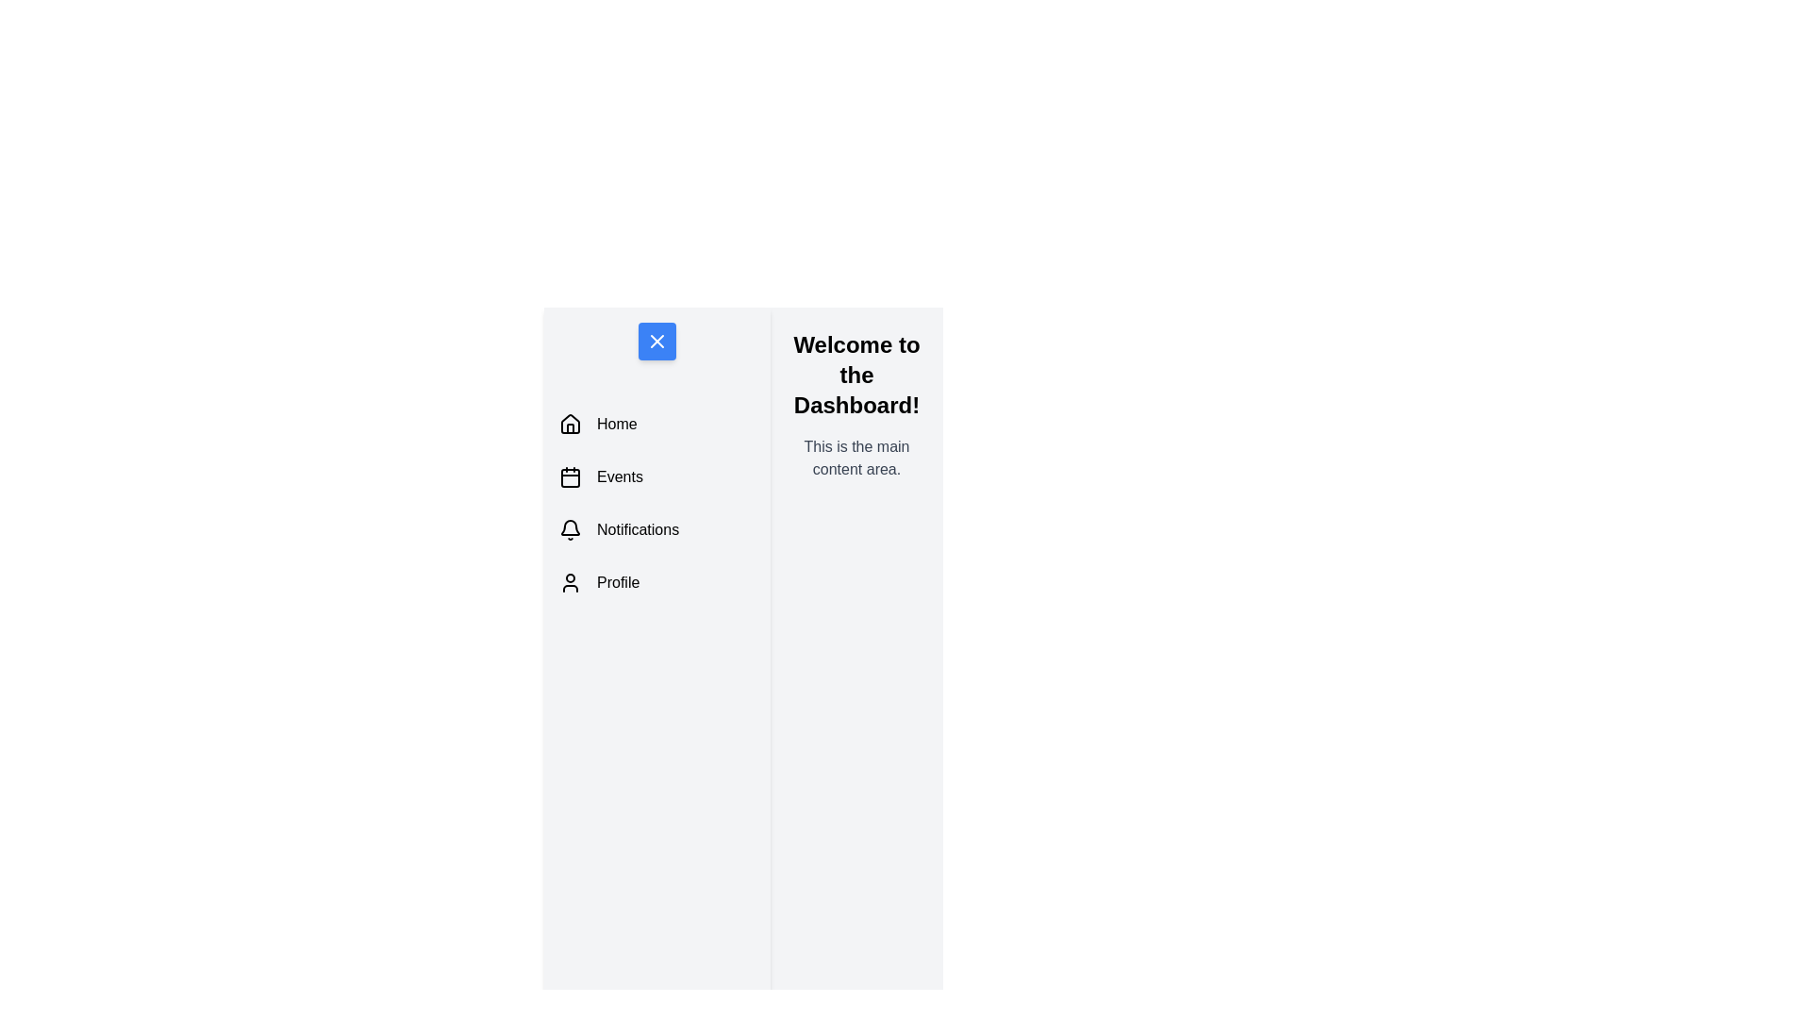  I want to click on the central structural graphical element of the calendar icon located in the left sidebar menu, so click(569, 476).